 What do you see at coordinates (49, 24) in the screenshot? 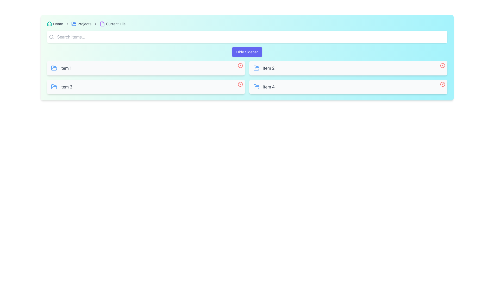
I see `the 'Home' icon in the breadcrumb navigation bar, which serves as a navigational aid to redirect to the main interface or dashboard` at bounding box center [49, 24].